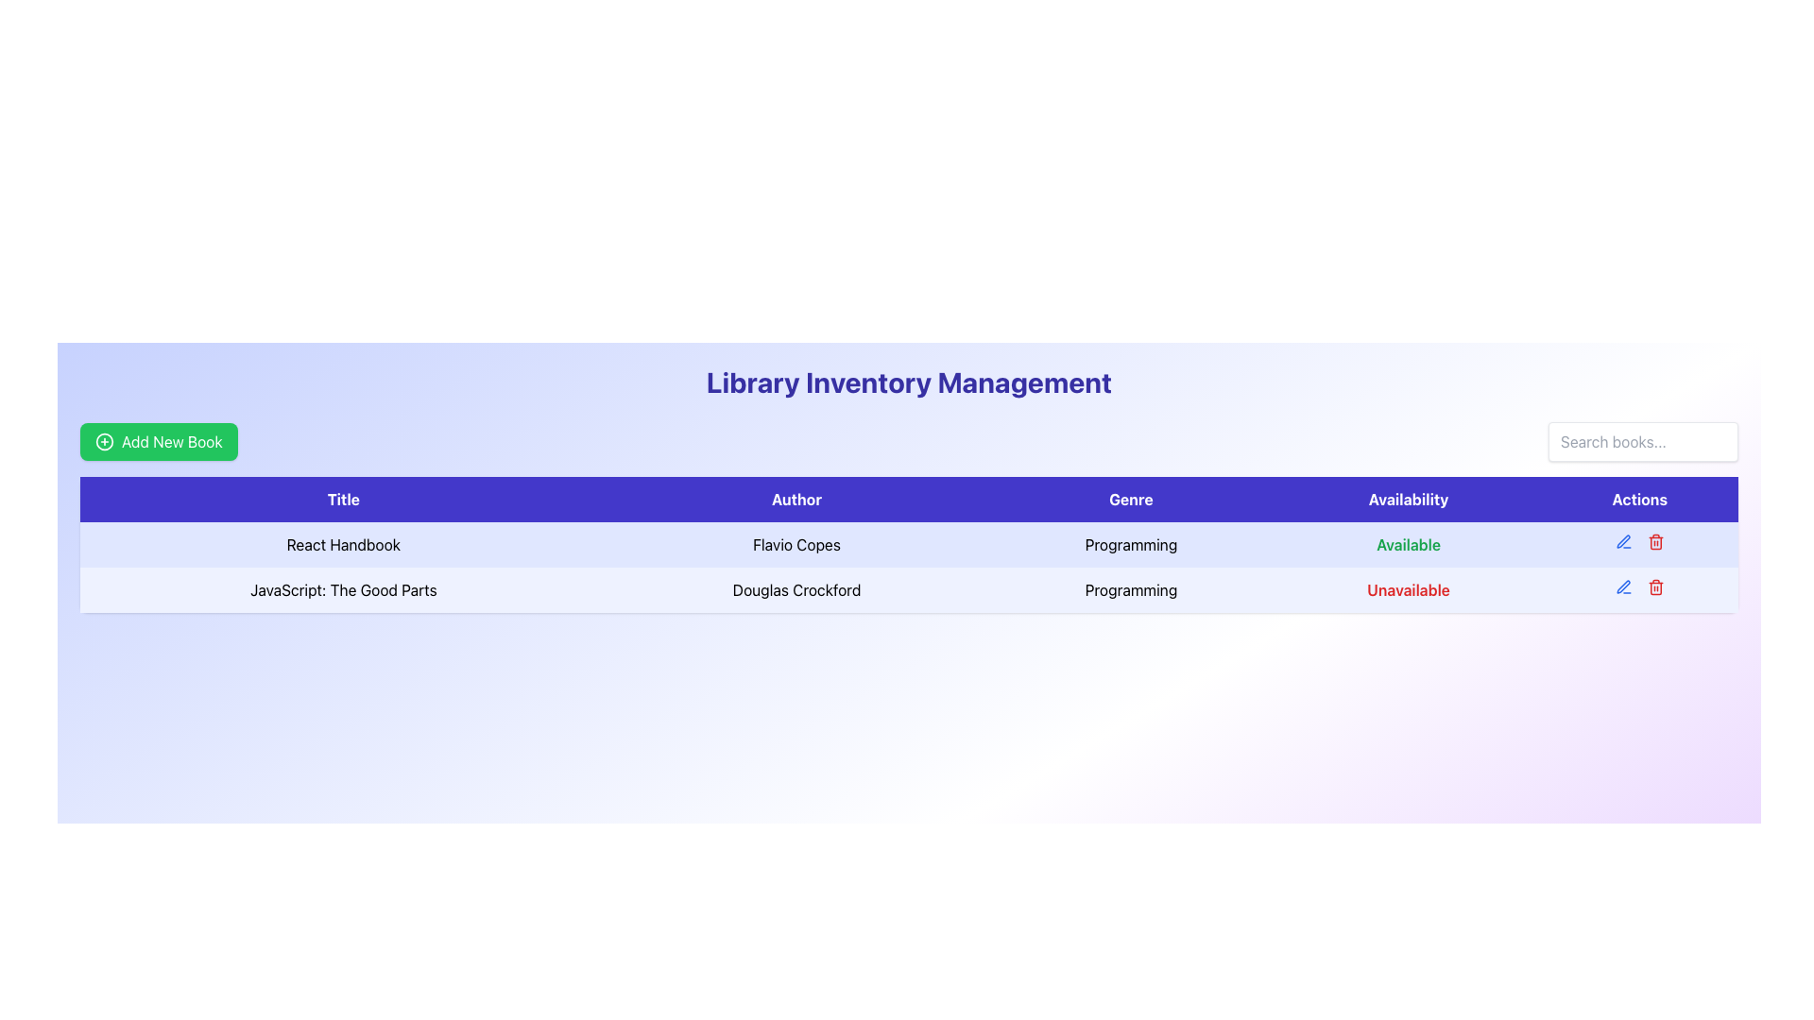  I want to click on the centrally aligned text heading at the top of the page, which serves as the title for the library inventory management system, so click(909, 382).